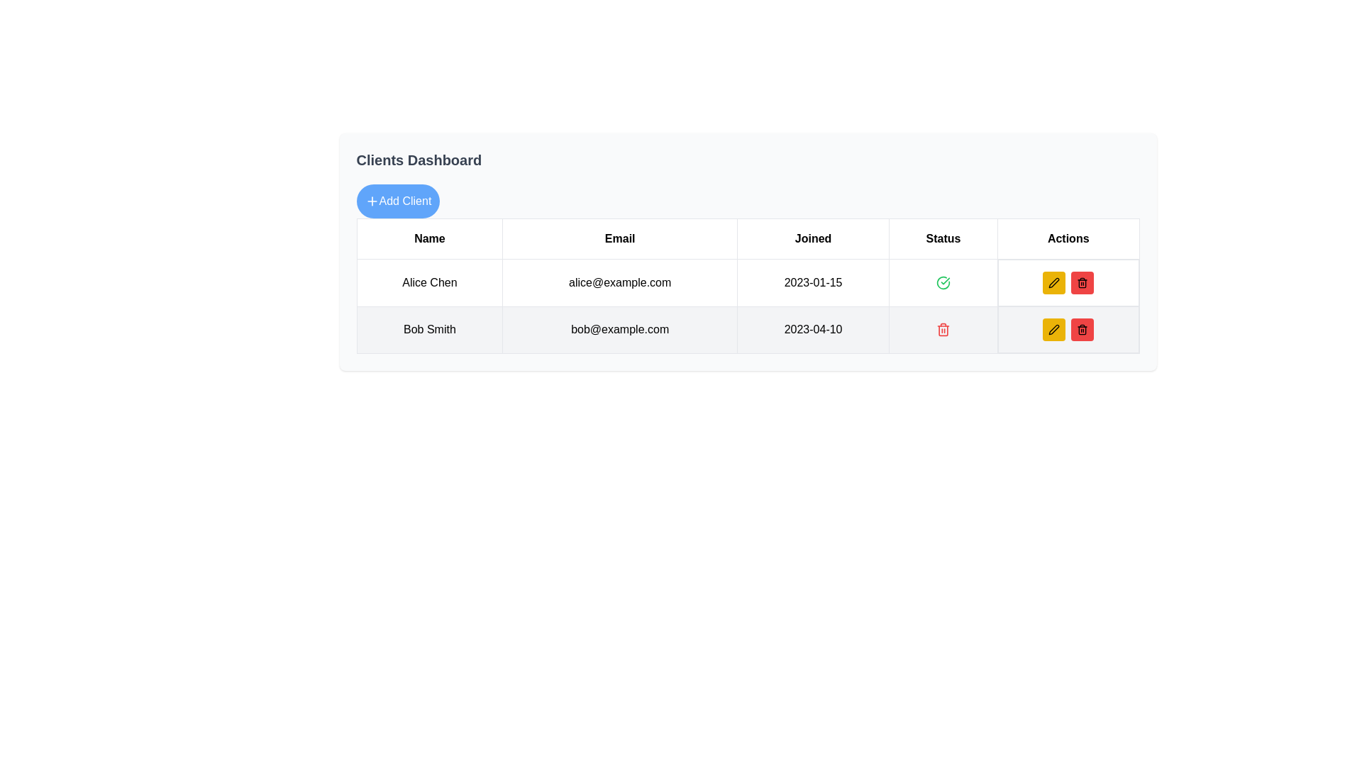  I want to click on the yellow rectangular button with rounded corners featuring a pen icon, located in the 'Actions' column of the second row for the 'Bob Smith' entry, so click(1054, 282).